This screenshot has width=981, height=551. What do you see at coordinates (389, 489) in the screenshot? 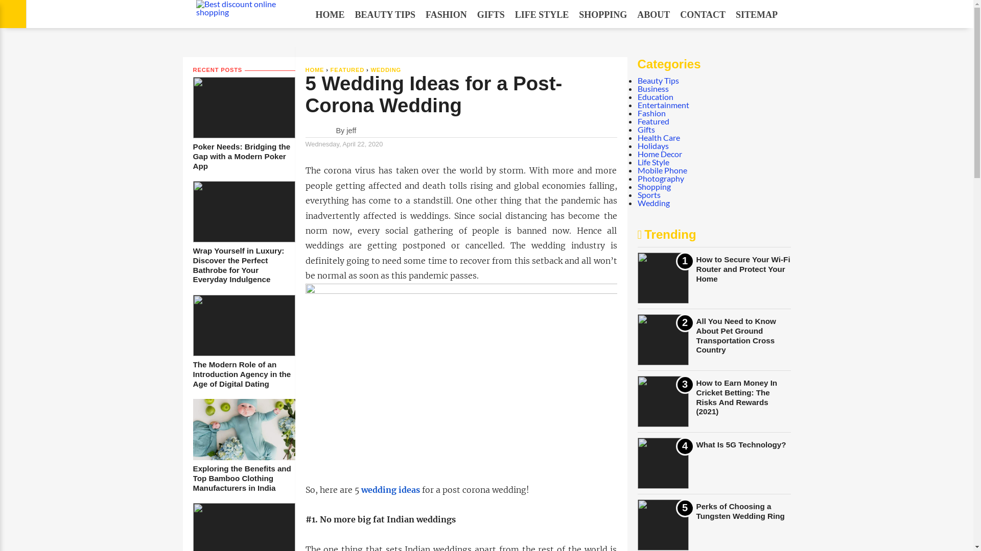
I see `'wedding ideas'` at bounding box center [389, 489].